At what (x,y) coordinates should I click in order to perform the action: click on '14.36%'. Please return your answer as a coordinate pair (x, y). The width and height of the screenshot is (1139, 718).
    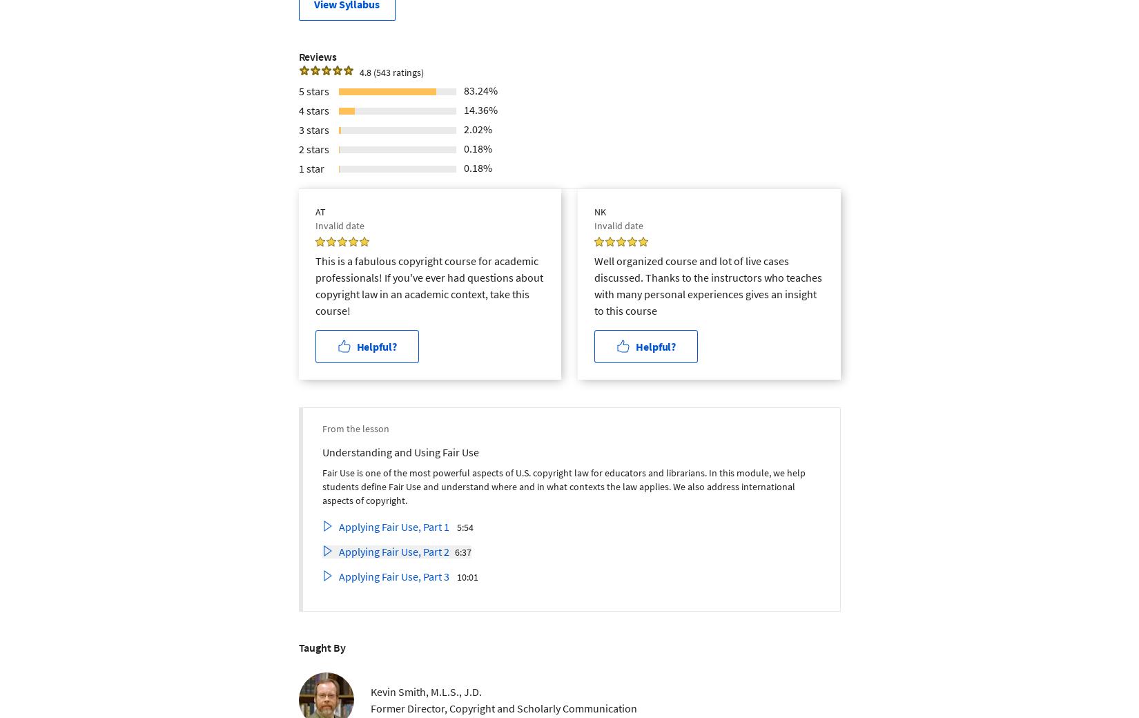
    Looking at the image, I should click on (463, 108).